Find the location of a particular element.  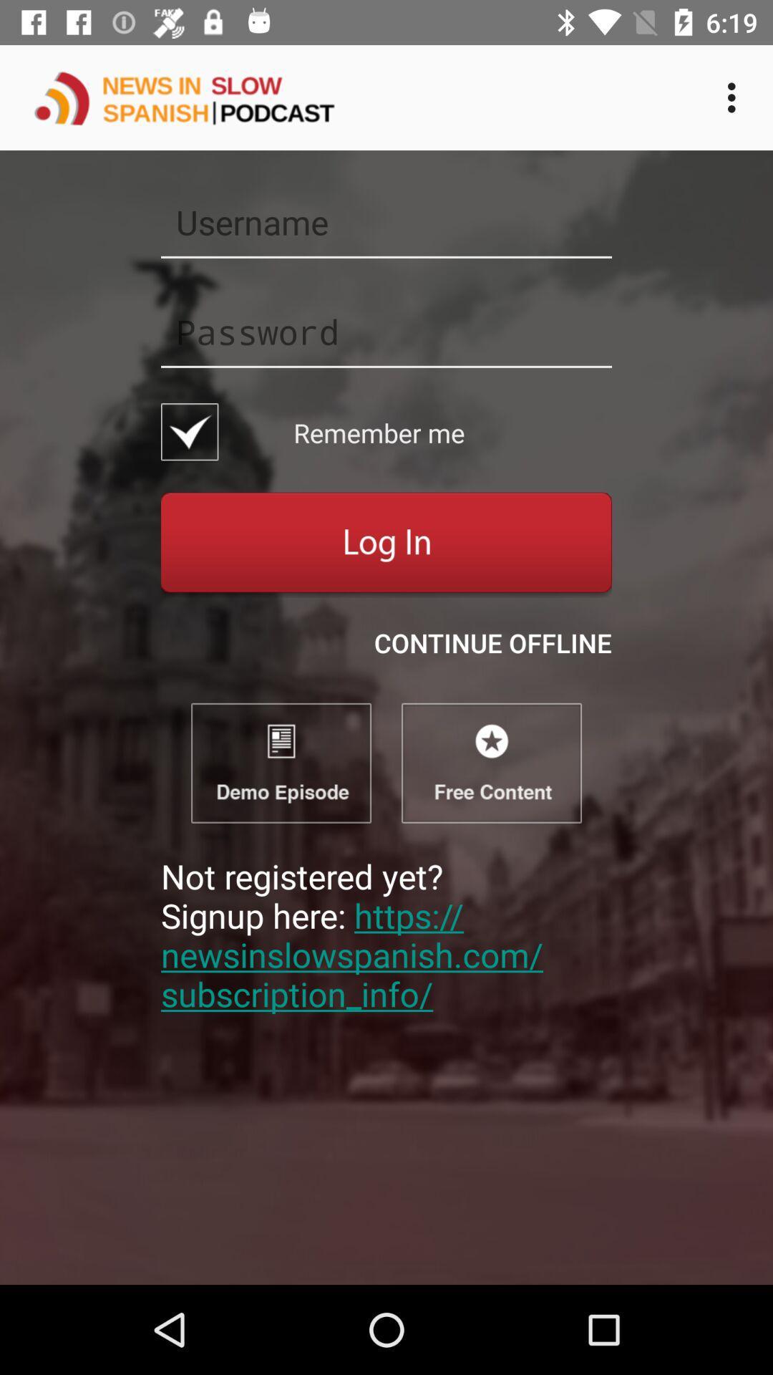

click here to log in is located at coordinates (386, 544).